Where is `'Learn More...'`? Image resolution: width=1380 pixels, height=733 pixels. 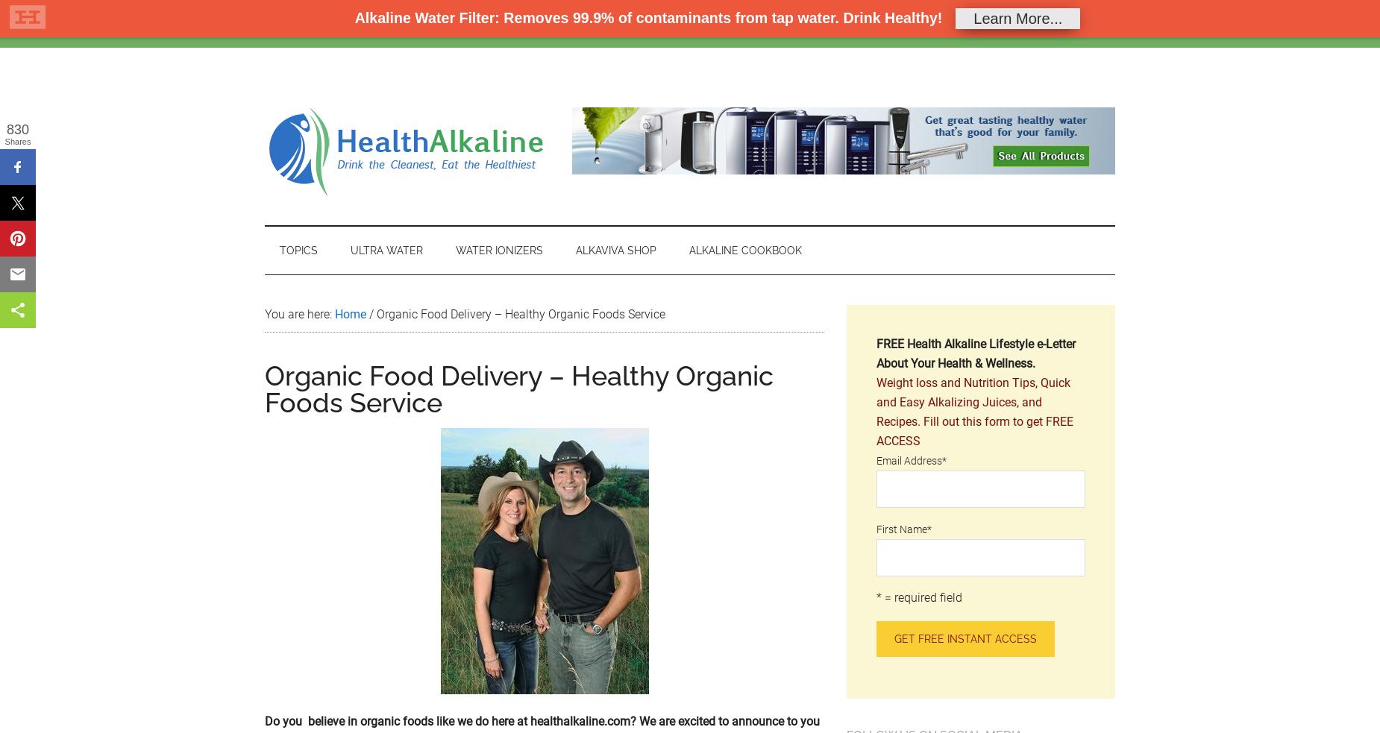 'Learn More...' is located at coordinates (1017, 16).